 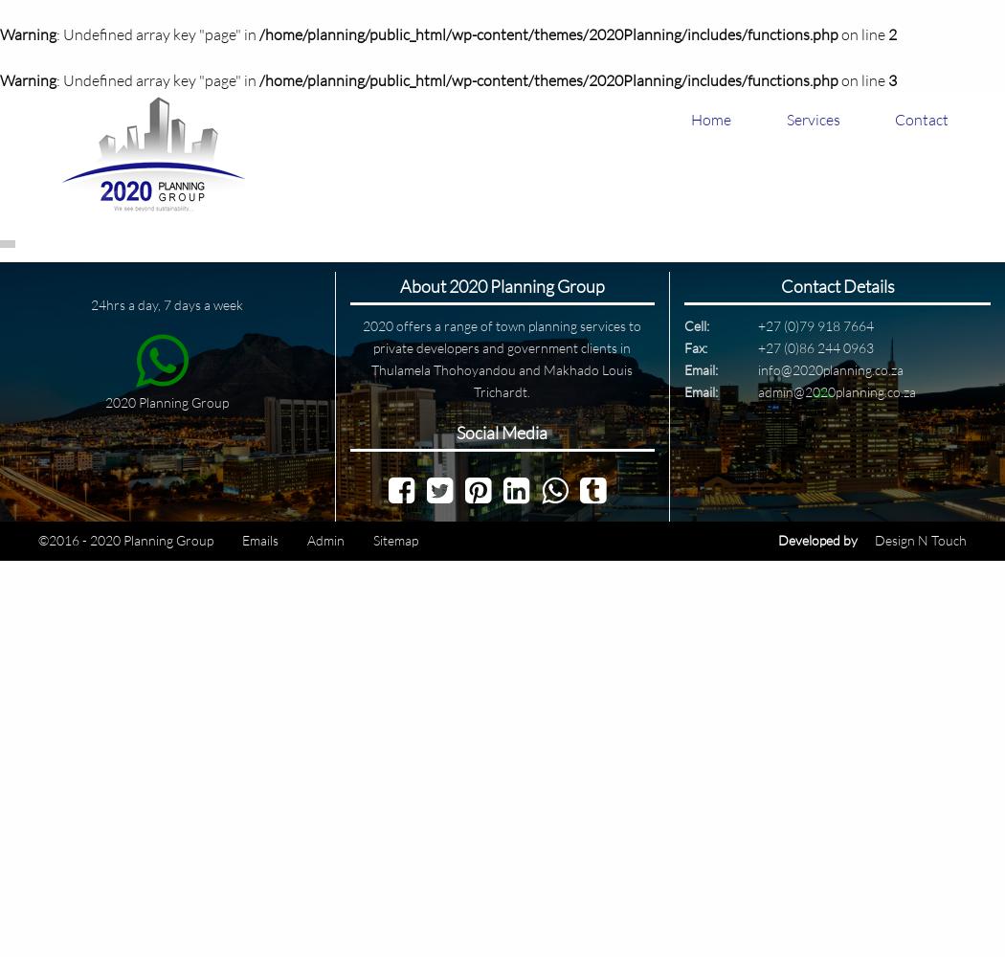 What do you see at coordinates (836, 286) in the screenshot?
I see `'Contact Details'` at bounding box center [836, 286].